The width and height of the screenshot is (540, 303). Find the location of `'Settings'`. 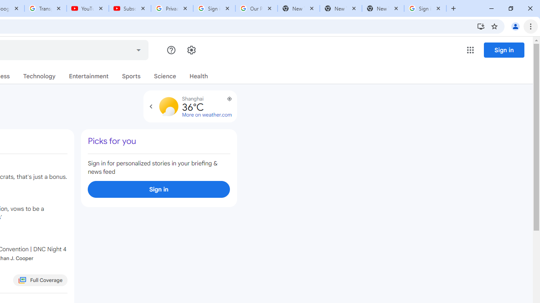

'Settings' is located at coordinates (191, 50).